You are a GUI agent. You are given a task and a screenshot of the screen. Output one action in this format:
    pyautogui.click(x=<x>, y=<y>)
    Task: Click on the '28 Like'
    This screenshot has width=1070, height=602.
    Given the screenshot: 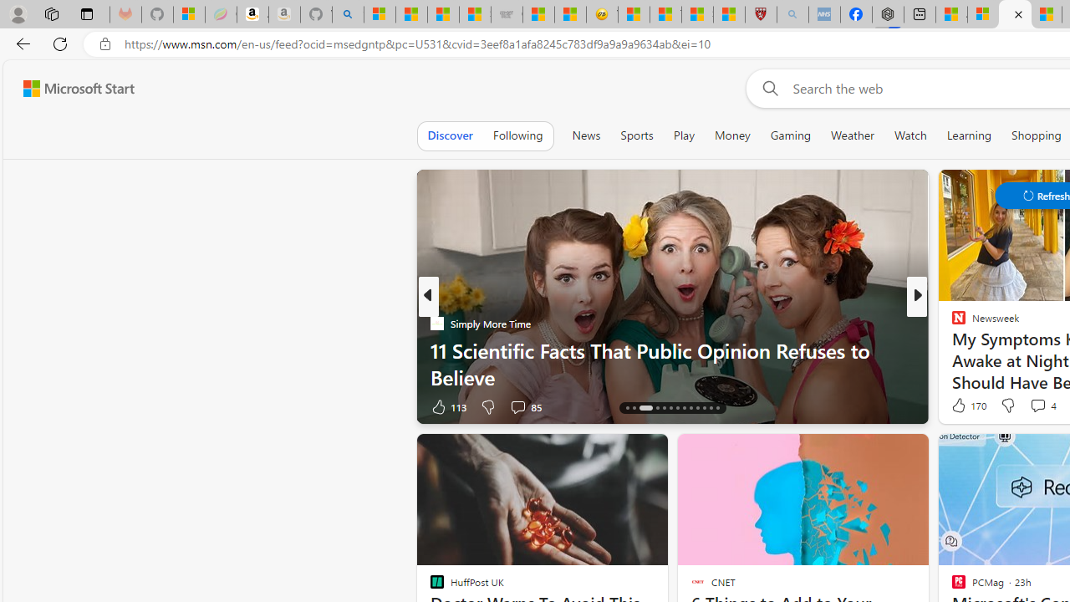 What is the action you would take?
    pyautogui.click(x=960, y=406)
    